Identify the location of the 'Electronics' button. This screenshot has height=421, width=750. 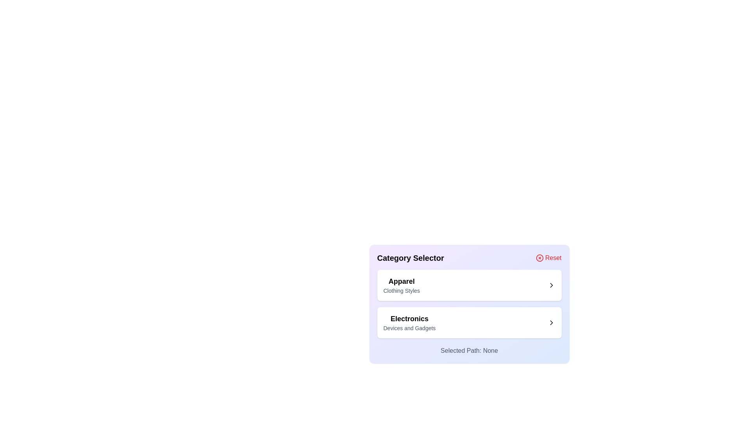
(469, 323).